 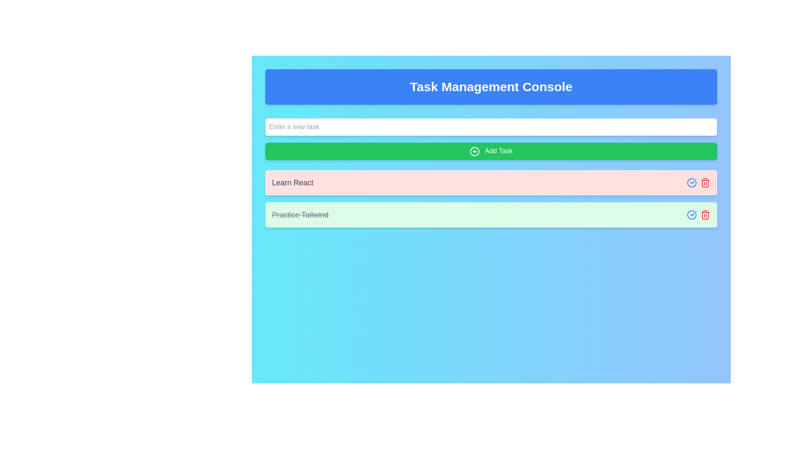 I want to click on the first Task Card element located directly below the 'Add Task' button in the task management list, so click(x=491, y=182).